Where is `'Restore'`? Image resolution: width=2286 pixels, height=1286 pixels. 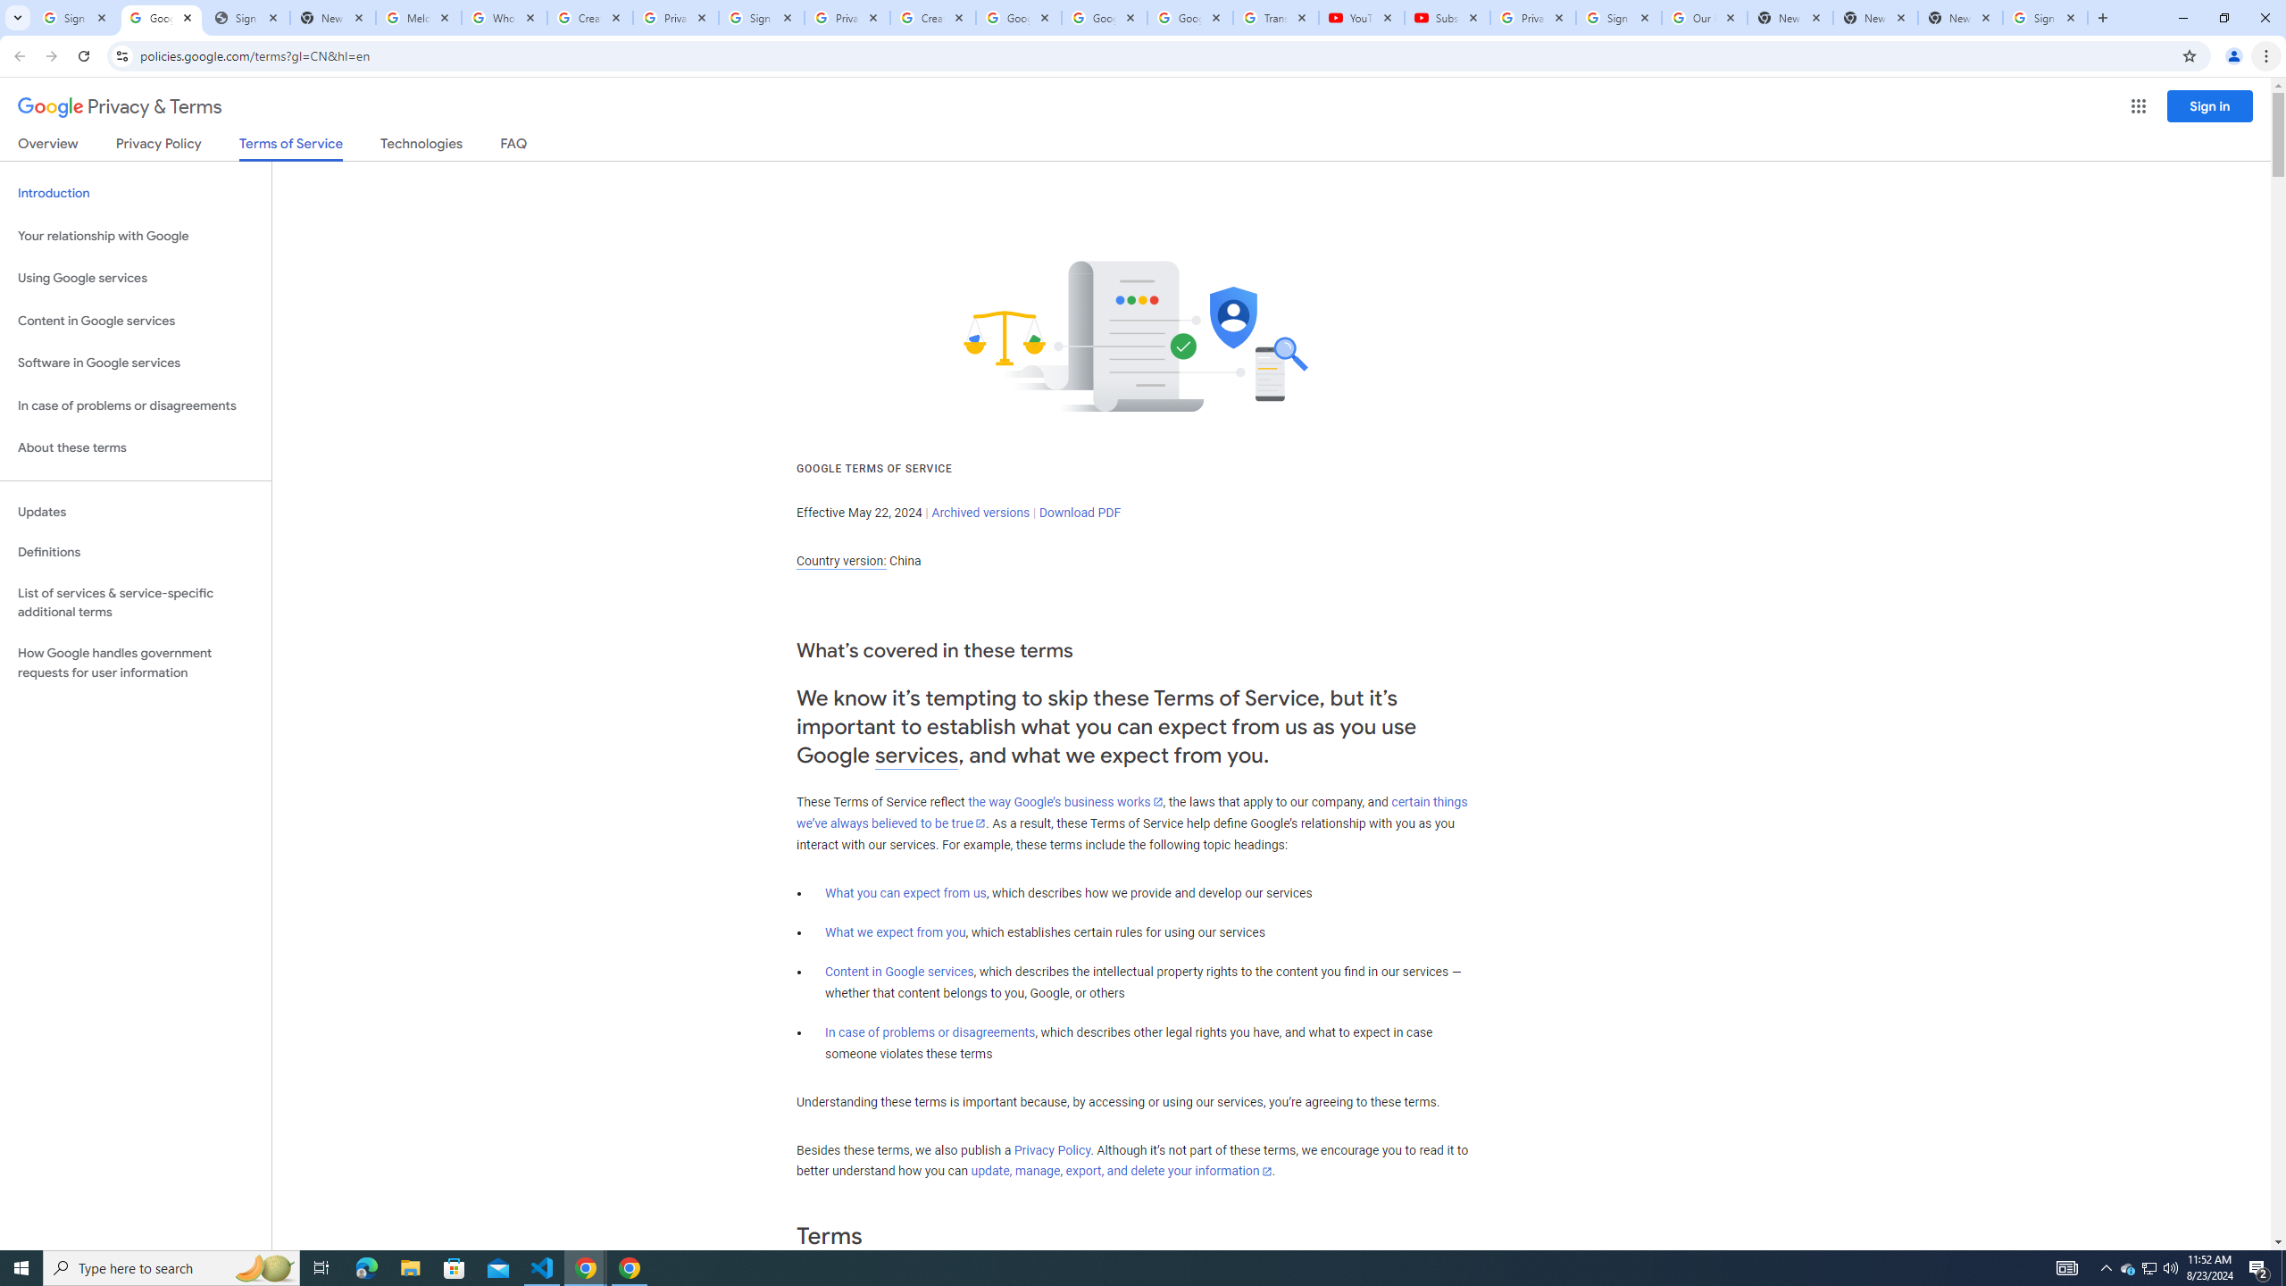
'Restore' is located at coordinates (2223, 17).